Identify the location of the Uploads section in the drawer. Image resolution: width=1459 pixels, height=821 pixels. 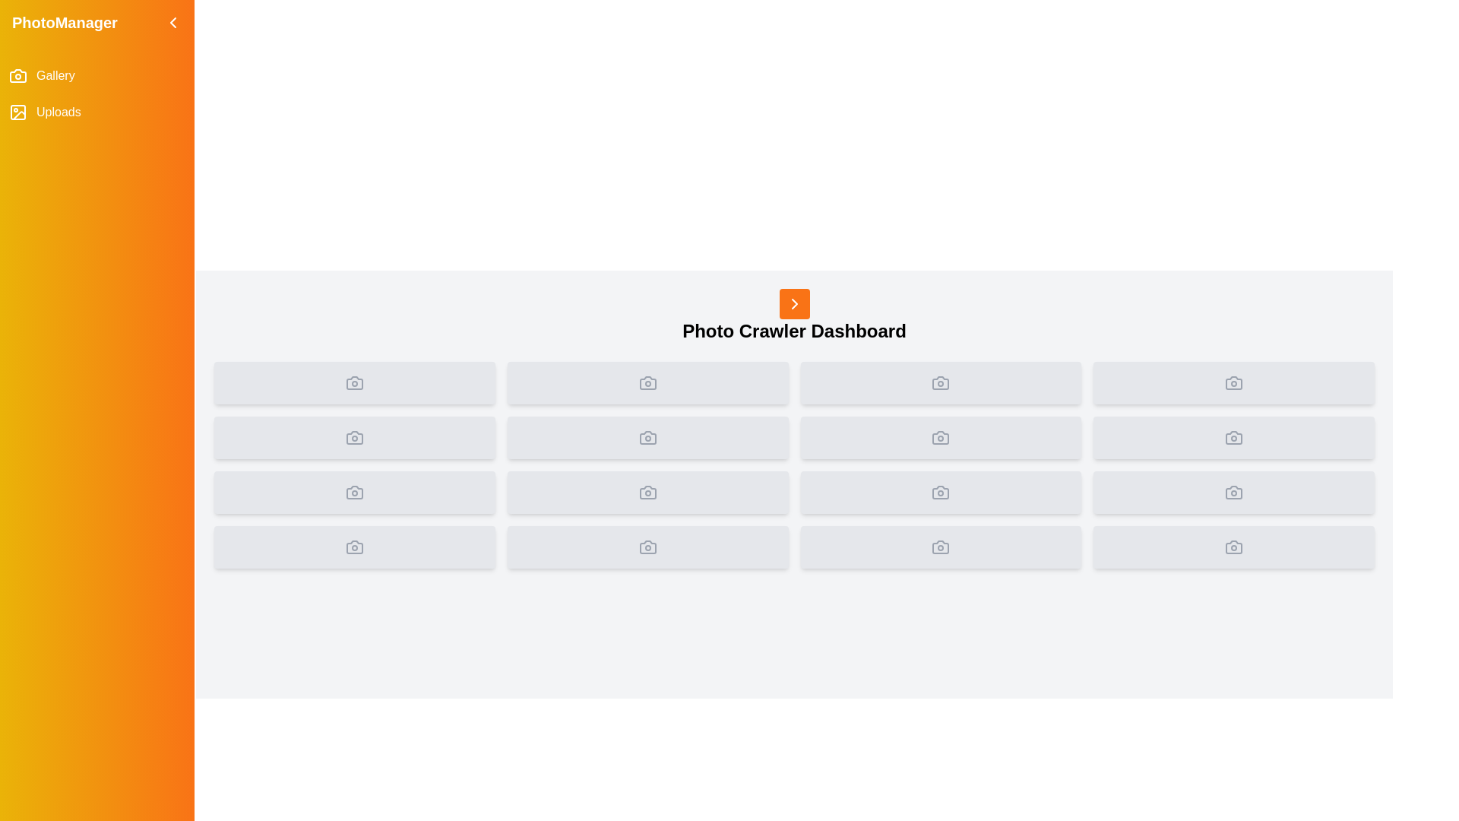
(97, 111).